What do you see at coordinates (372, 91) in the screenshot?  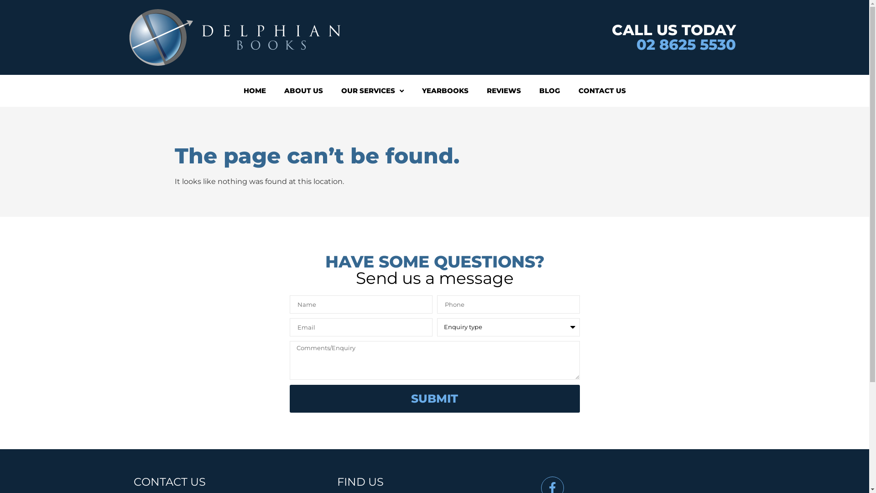 I see `'OUR SERVICES'` at bounding box center [372, 91].